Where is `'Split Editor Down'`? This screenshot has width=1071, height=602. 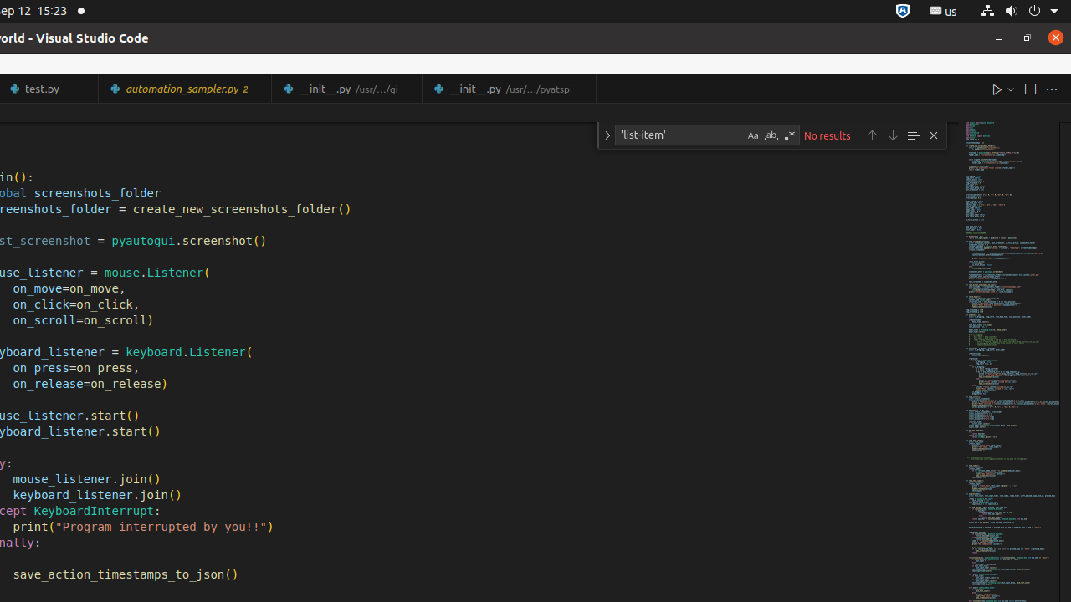
'Split Editor Down' is located at coordinates (1028, 89).